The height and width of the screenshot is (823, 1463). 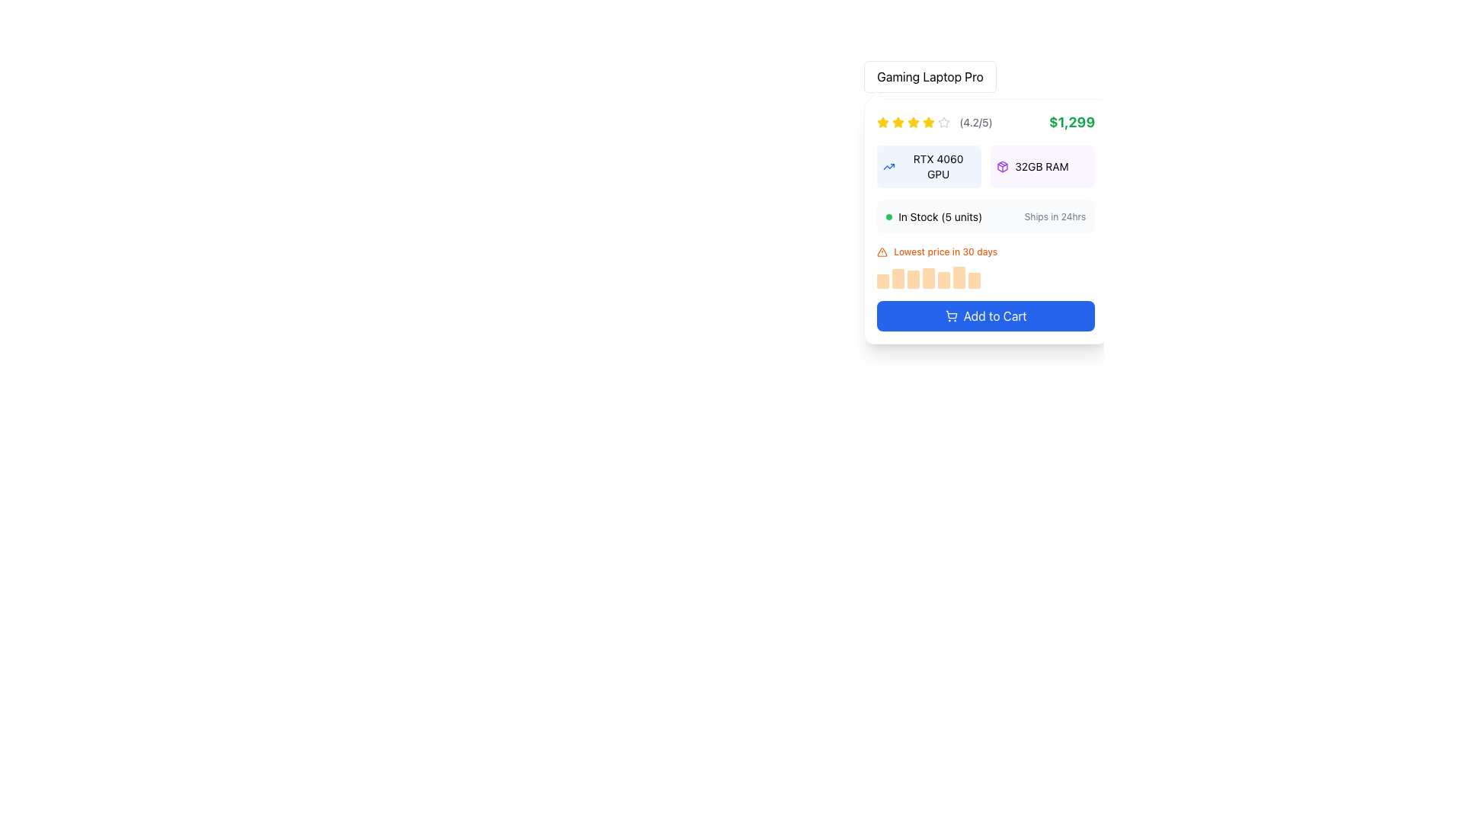 What do you see at coordinates (1041, 167) in the screenshot?
I see `the text label displaying '32GB RAM' located in the details section of a product card, which has a light purple background` at bounding box center [1041, 167].